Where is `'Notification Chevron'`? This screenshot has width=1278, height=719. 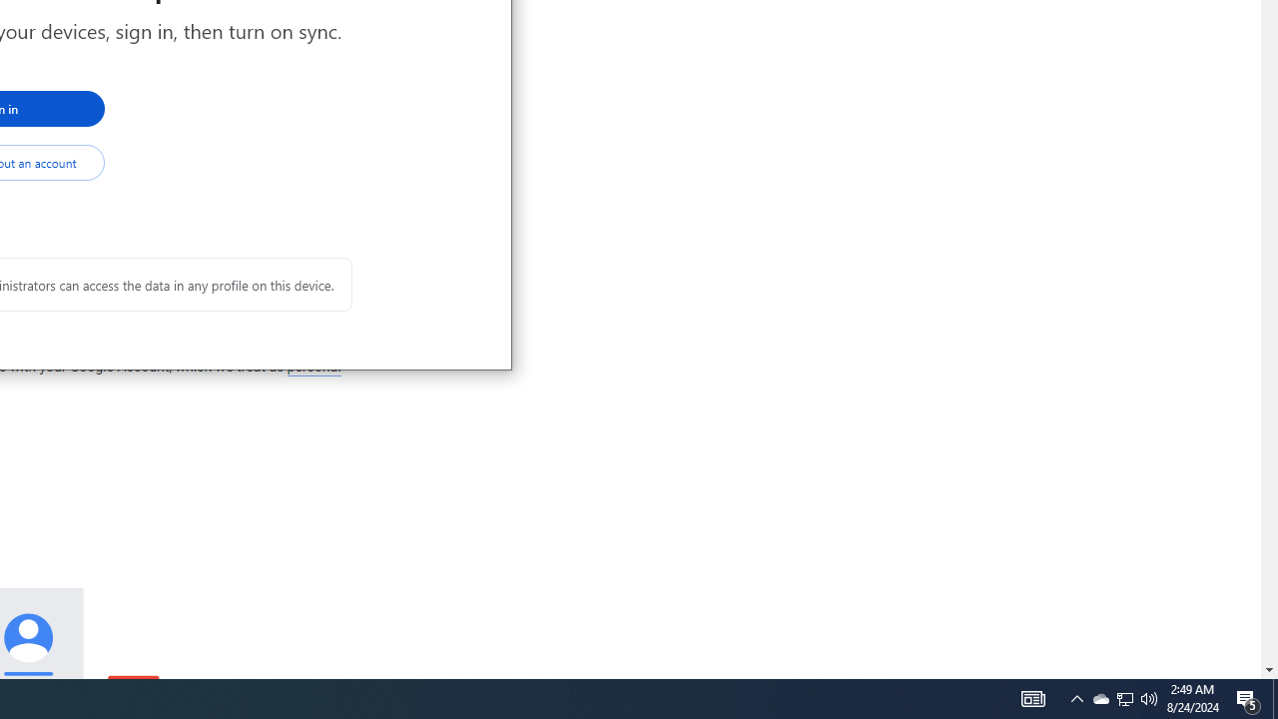 'Notification Chevron' is located at coordinates (1076, 697).